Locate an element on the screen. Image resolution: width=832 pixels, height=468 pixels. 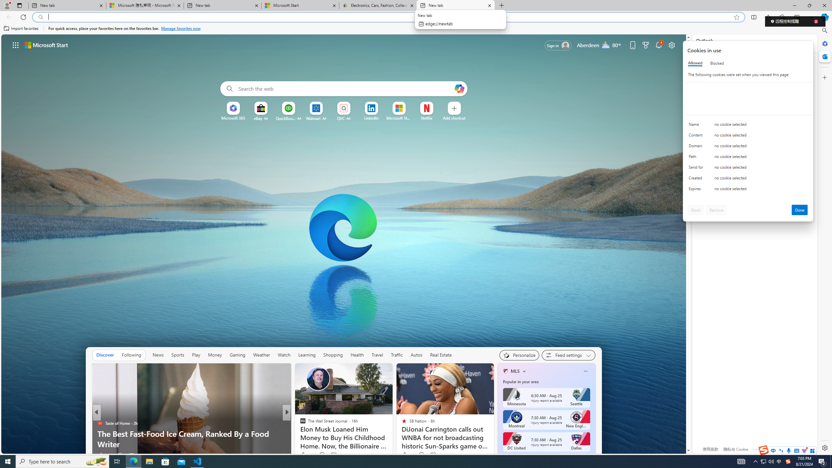
'Content' is located at coordinates (697, 136).